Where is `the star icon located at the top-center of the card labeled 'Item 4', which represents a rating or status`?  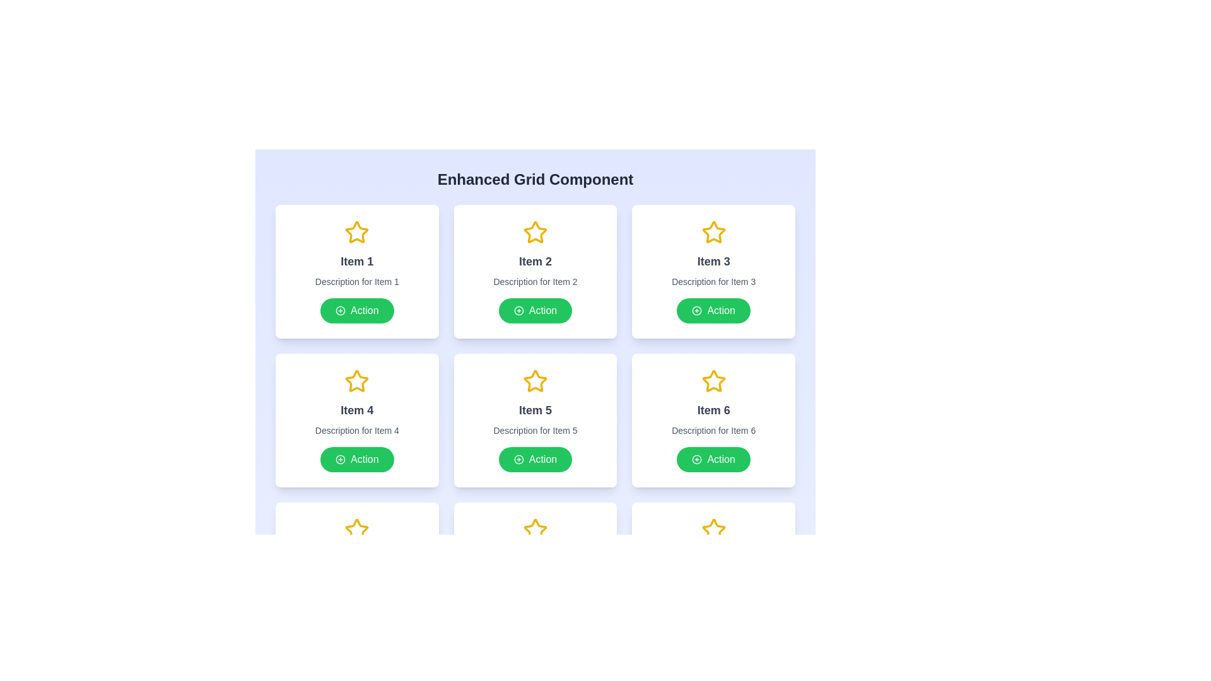
the star icon located at the top-center of the card labeled 'Item 4', which represents a rating or status is located at coordinates (356, 381).